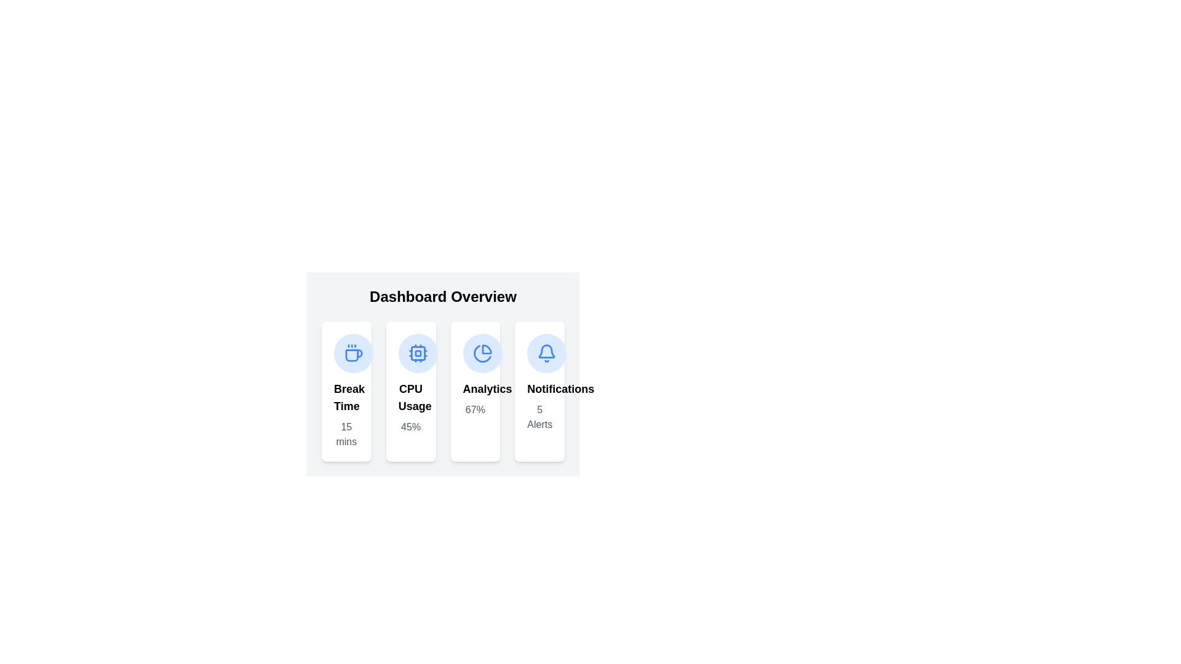 Image resolution: width=1181 pixels, height=664 pixels. I want to click on text label indicating the duration associated with the 'Break Time' section, located below the 'Break Time' label within the first card in the dashboard, so click(346, 433).